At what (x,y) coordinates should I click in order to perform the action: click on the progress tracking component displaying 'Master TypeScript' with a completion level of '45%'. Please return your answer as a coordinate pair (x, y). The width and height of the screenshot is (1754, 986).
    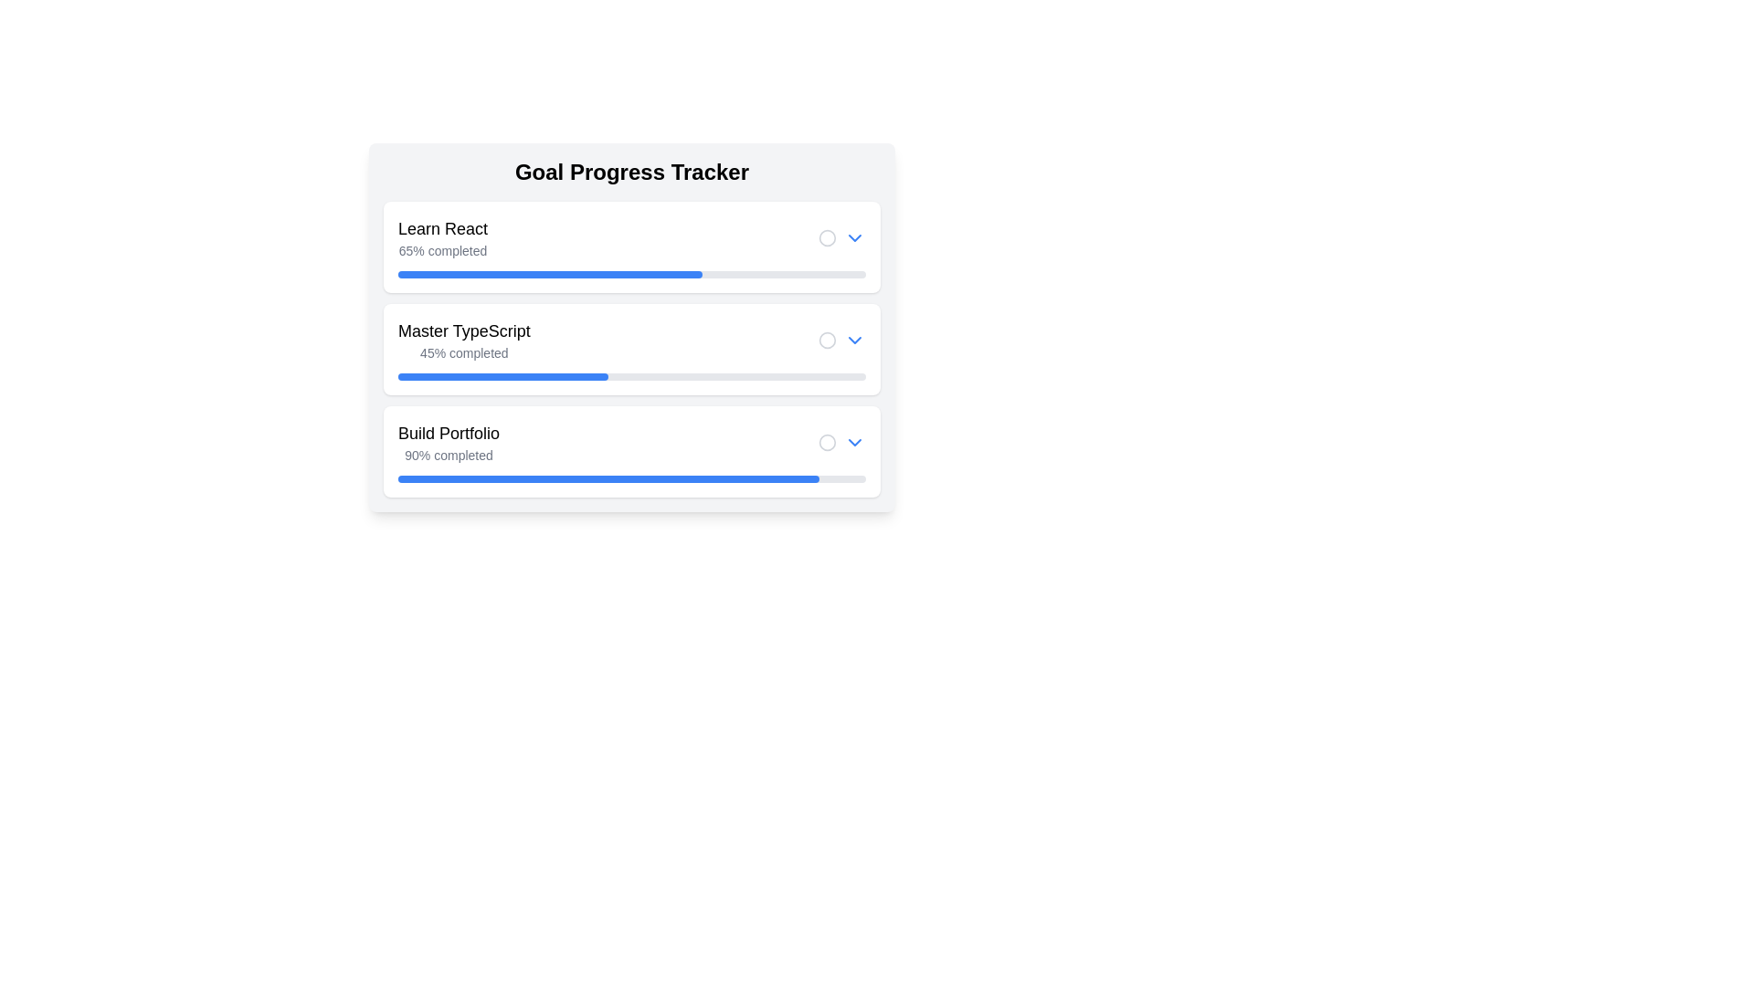
    Looking at the image, I should click on (631, 349).